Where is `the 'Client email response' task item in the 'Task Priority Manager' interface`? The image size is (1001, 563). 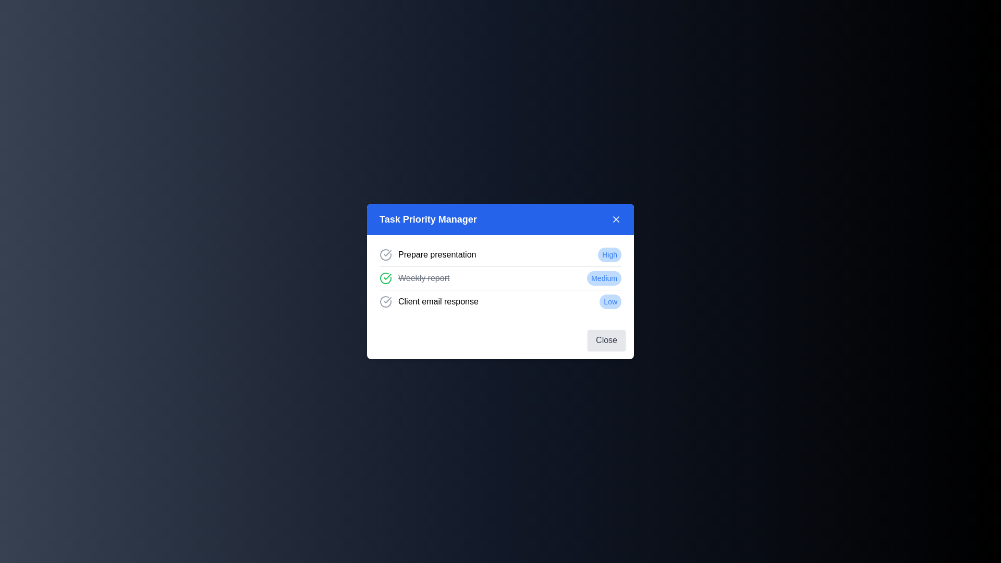 the 'Client email response' task item in the 'Task Priority Manager' interface is located at coordinates (500, 301).